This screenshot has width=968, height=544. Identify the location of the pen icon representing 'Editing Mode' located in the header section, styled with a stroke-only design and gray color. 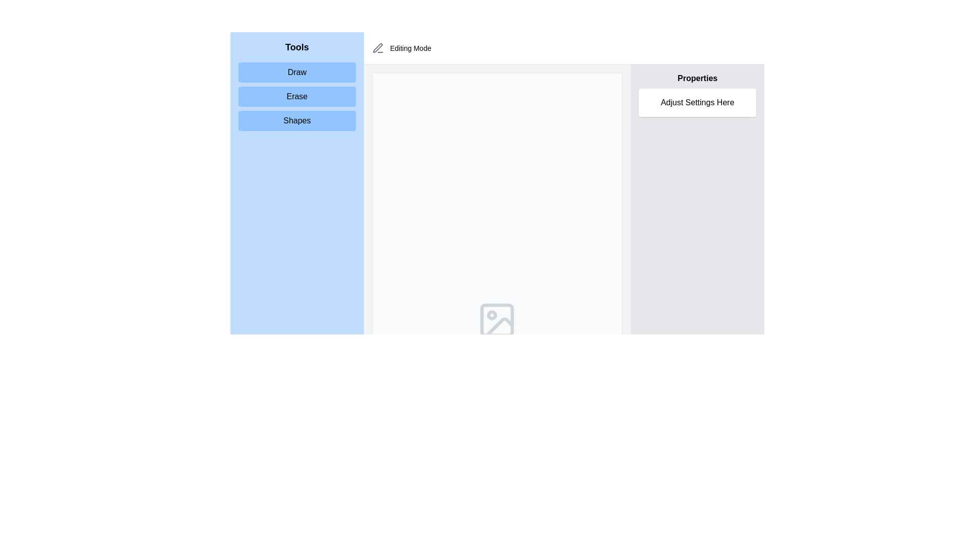
(377, 48).